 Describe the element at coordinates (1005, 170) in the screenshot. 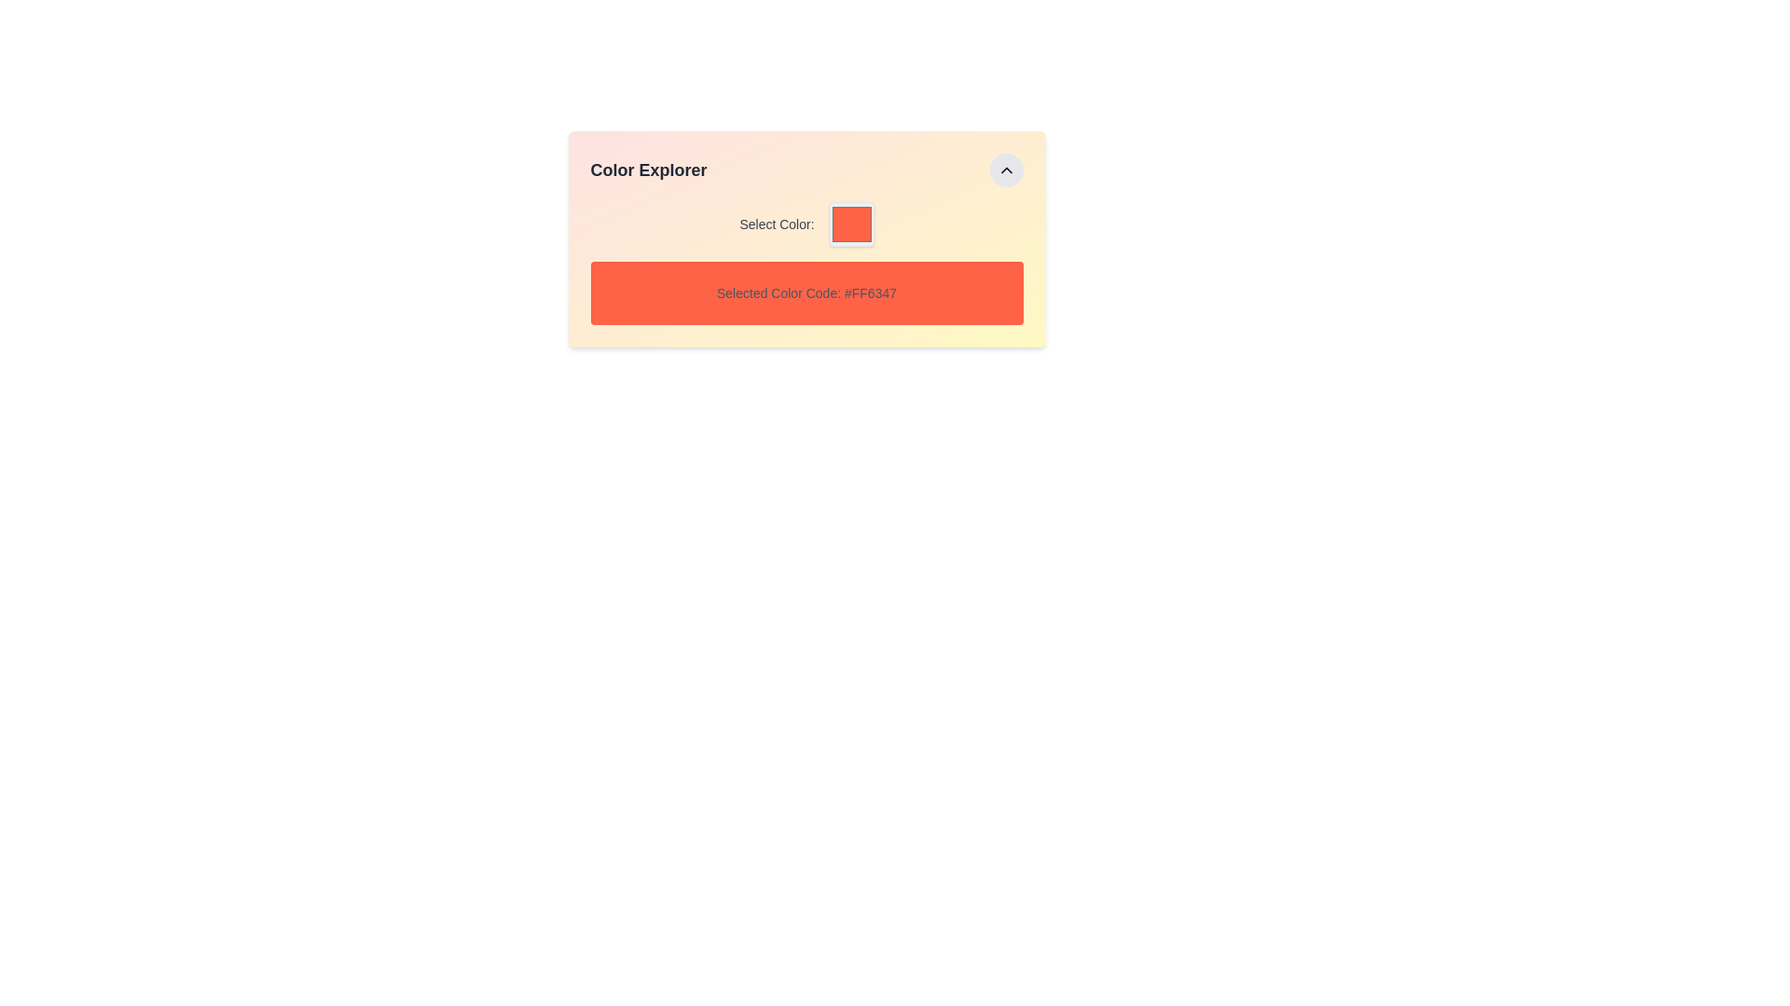

I see `the compact upward-pointing chevron icon with a thin black outline, located within a circular gray button to the right of the 'Color Explorer' card` at that location.